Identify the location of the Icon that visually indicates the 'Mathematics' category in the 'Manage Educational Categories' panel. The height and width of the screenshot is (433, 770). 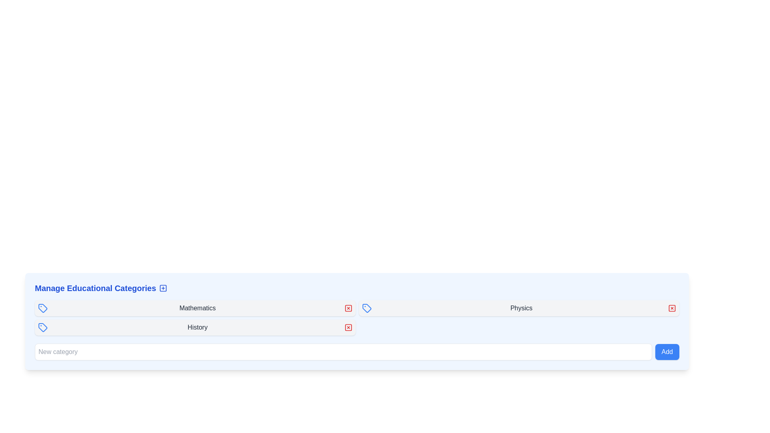
(366, 308).